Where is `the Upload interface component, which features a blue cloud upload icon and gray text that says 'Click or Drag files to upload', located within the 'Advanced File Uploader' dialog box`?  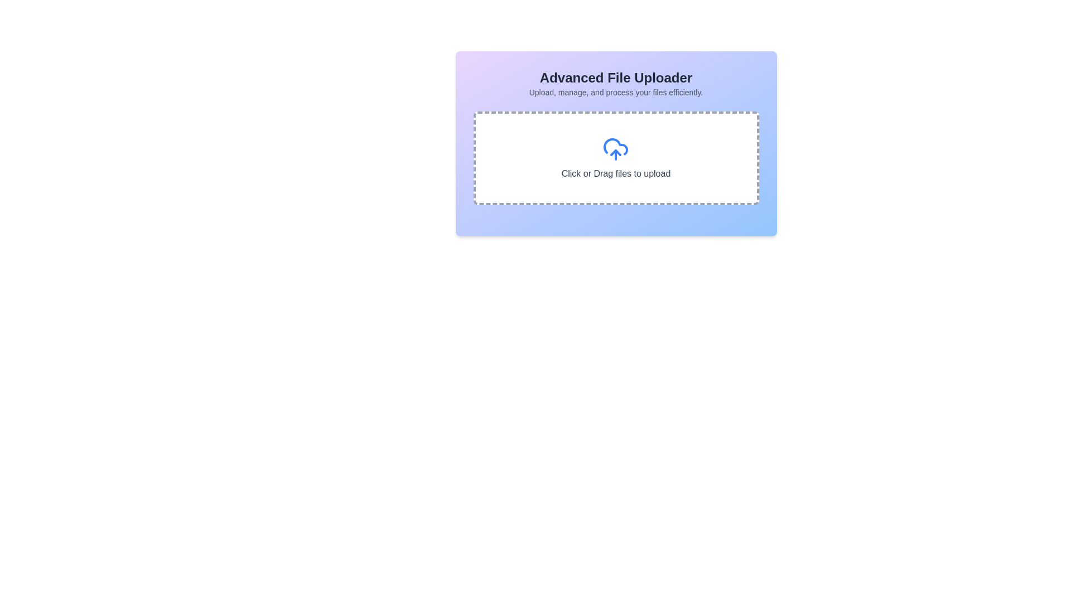 the Upload interface component, which features a blue cloud upload icon and gray text that says 'Click or Drag files to upload', located within the 'Advanced File Uploader' dialog box is located at coordinates (615, 158).